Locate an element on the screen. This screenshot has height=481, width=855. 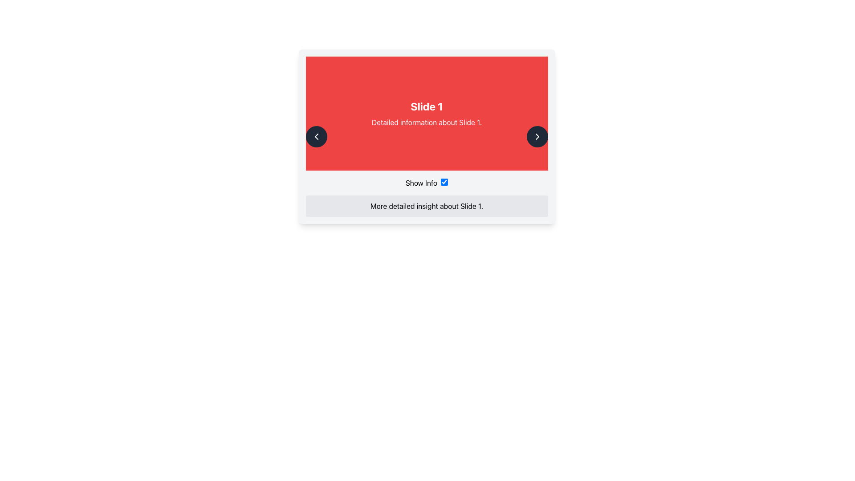
the Slide Display element, which is the top section of the slideshow interface, providing title and summary details, located directly above the 'Show Info' section is located at coordinates (426, 113).